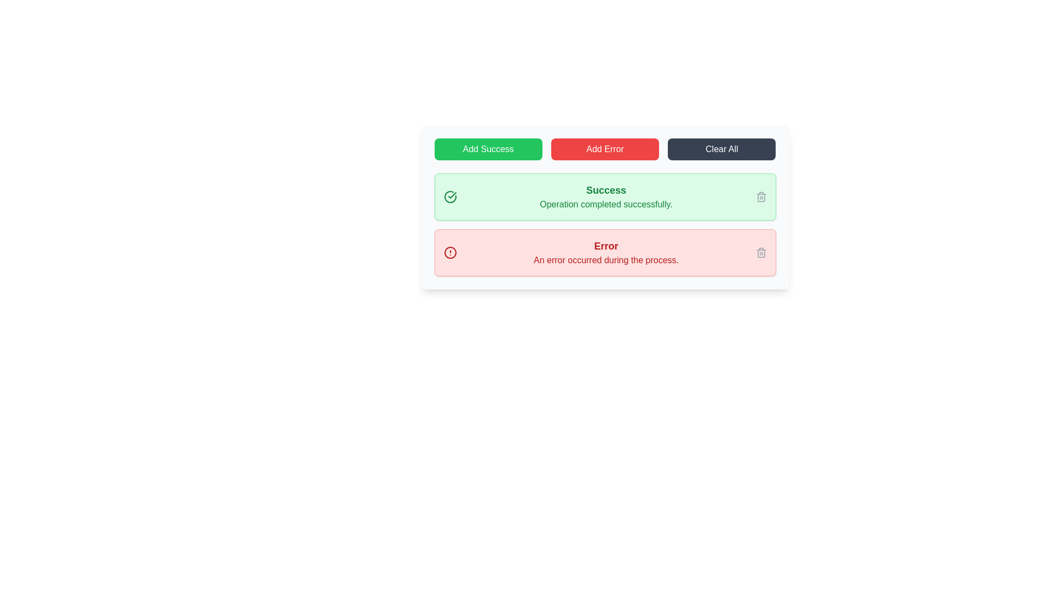 The image size is (1051, 591). What do you see at coordinates (450, 253) in the screenshot?
I see `the circular vector graphic with a red stroke, which is the outer border of the alert icon inside the red-shaded rectangular area at the bottom of the message listing panel` at bounding box center [450, 253].